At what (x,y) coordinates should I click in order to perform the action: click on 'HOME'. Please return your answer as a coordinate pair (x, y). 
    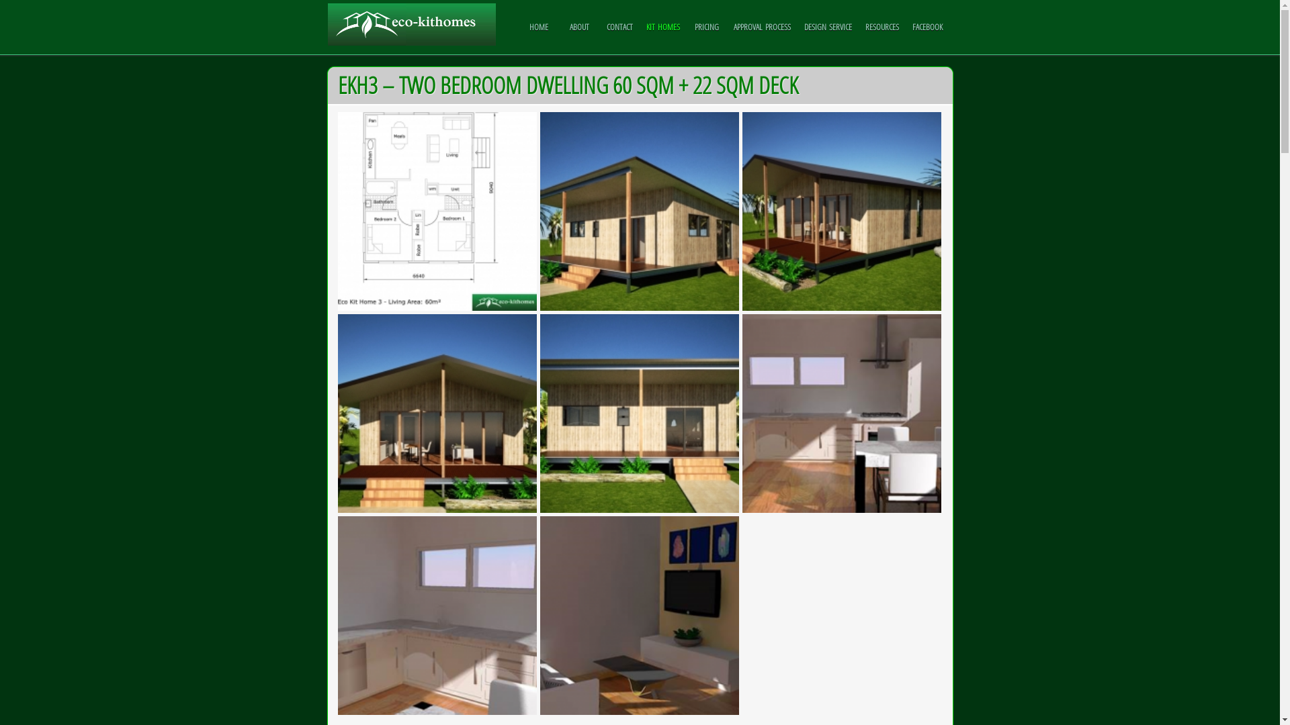
    Looking at the image, I should click on (538, 26).